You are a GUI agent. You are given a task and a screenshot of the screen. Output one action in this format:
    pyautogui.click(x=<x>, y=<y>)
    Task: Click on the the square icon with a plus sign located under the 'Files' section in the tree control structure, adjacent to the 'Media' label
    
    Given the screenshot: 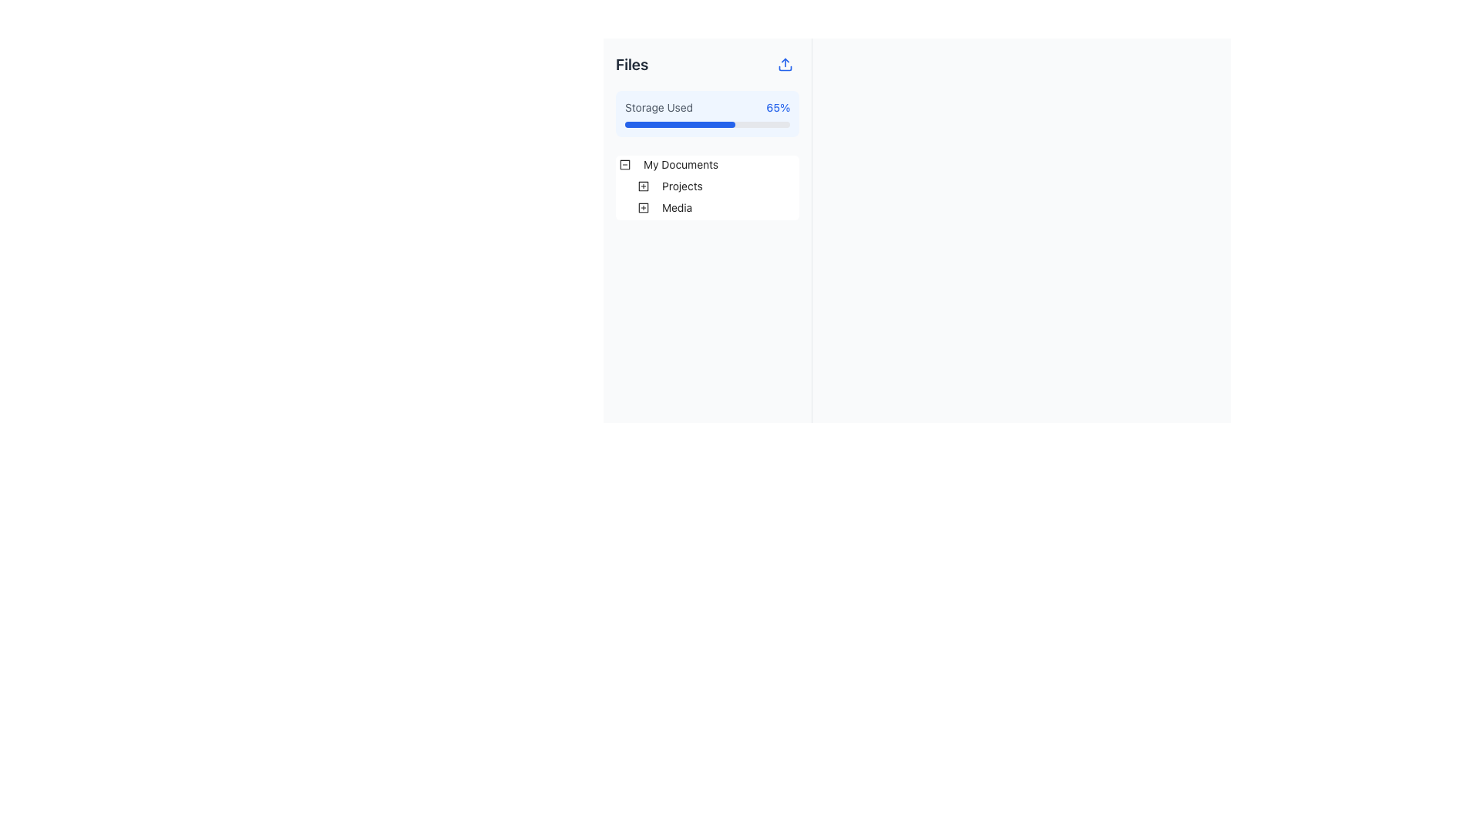 What is the action you would take?
    pyautogui.click(x=644, y=186)
    